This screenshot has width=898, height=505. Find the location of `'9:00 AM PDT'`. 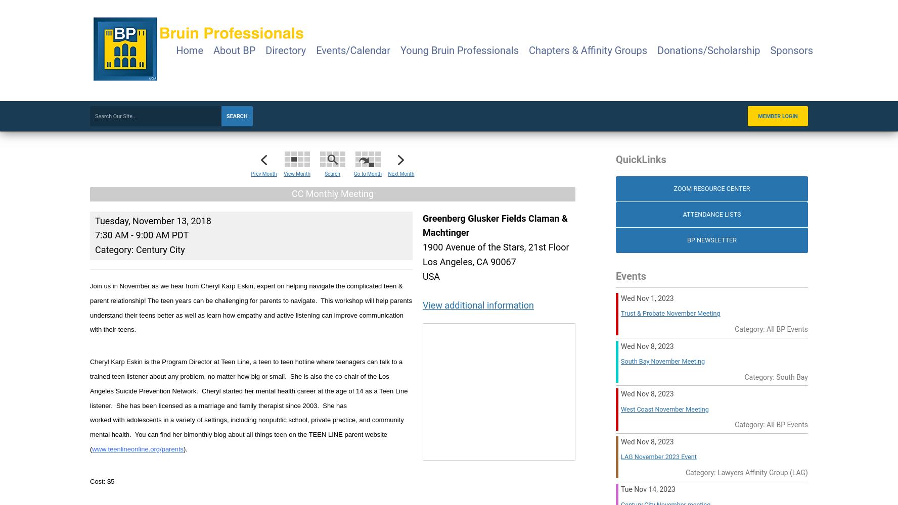

'9:00 AM PDT' is located at coordinates (161, 234).